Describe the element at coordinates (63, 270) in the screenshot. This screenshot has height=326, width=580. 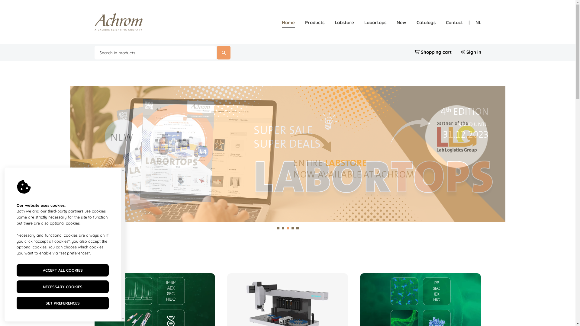
I see `'ACCEPT ALL COOKIES'` at that location.